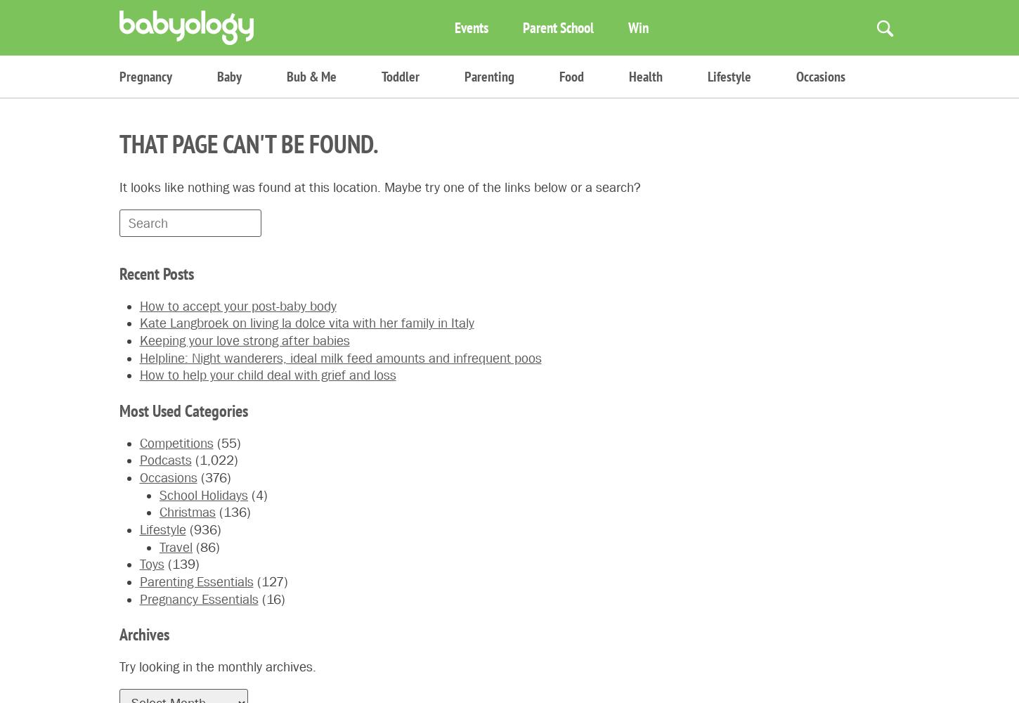 Image resolution: width=1019 pixels, height=703 pixels. I want to click on 'Lifestyle', so click(708, 76).